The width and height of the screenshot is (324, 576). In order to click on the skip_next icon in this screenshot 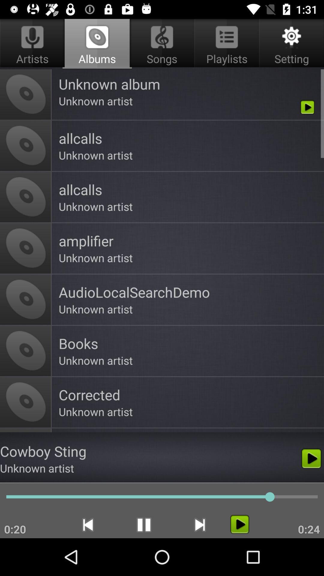, I will do `click(200, 524)`.